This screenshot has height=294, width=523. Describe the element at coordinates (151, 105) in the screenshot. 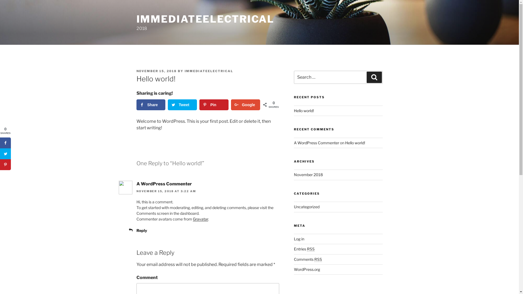

I see `'Share'` at that location.